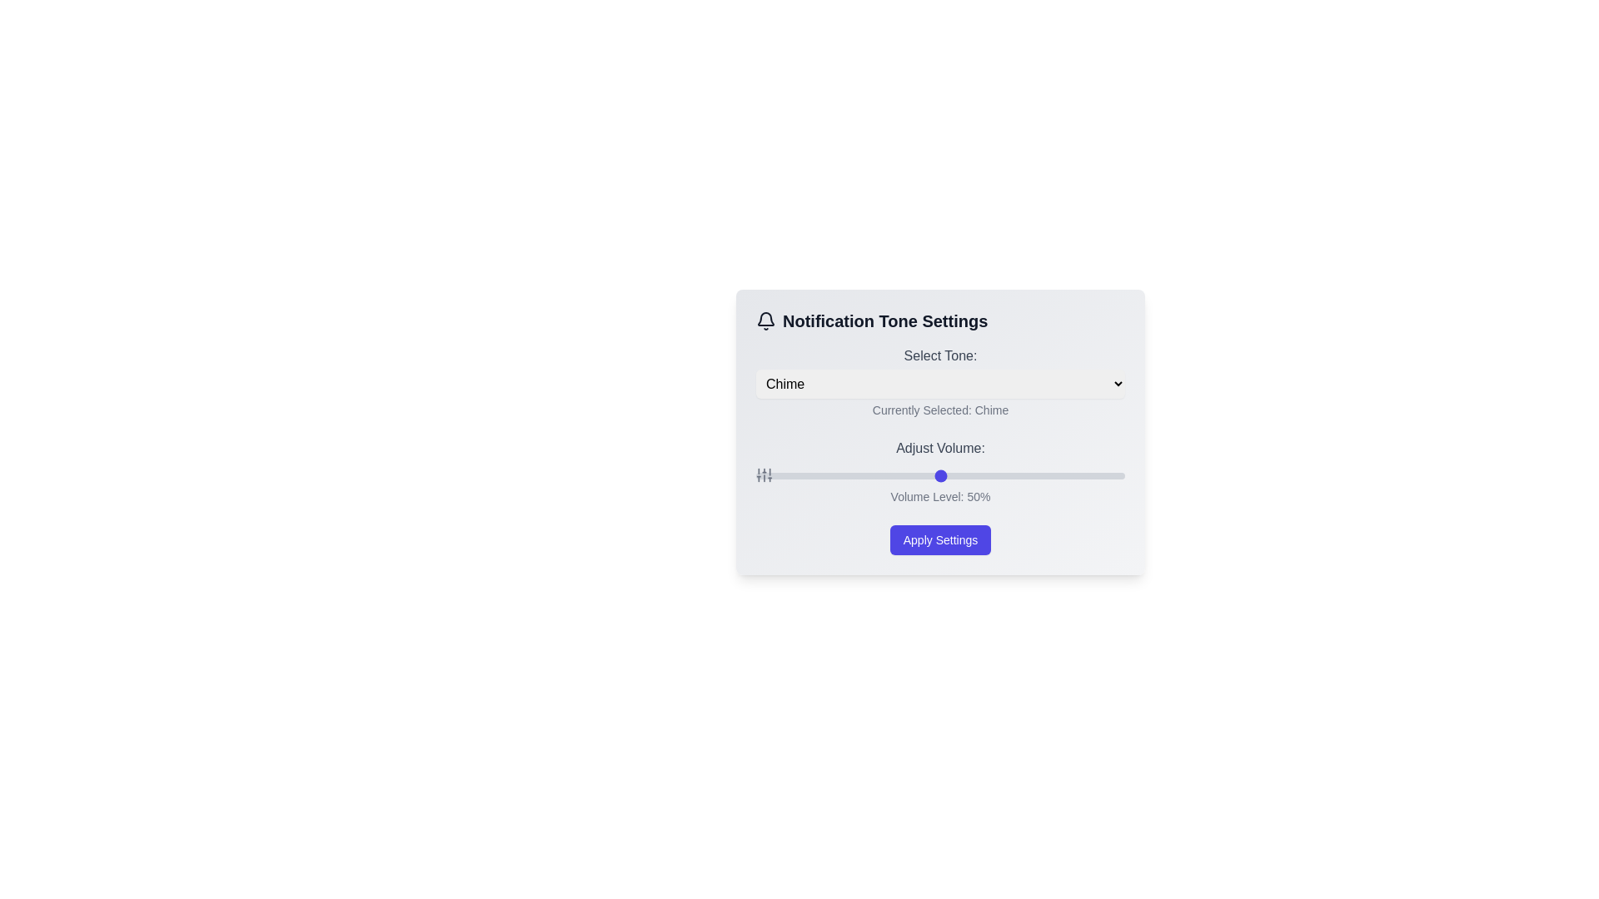 The image size is (1599, 899). What do you see at coordinates (940, 384) in the screenshot?
I see `an option from the dropdown menu located in the 'Select Tone' section of the 'Notification Tone Settings' panel, which is centered below the 'Select Tone:' label` at bounding box center [940, 384].